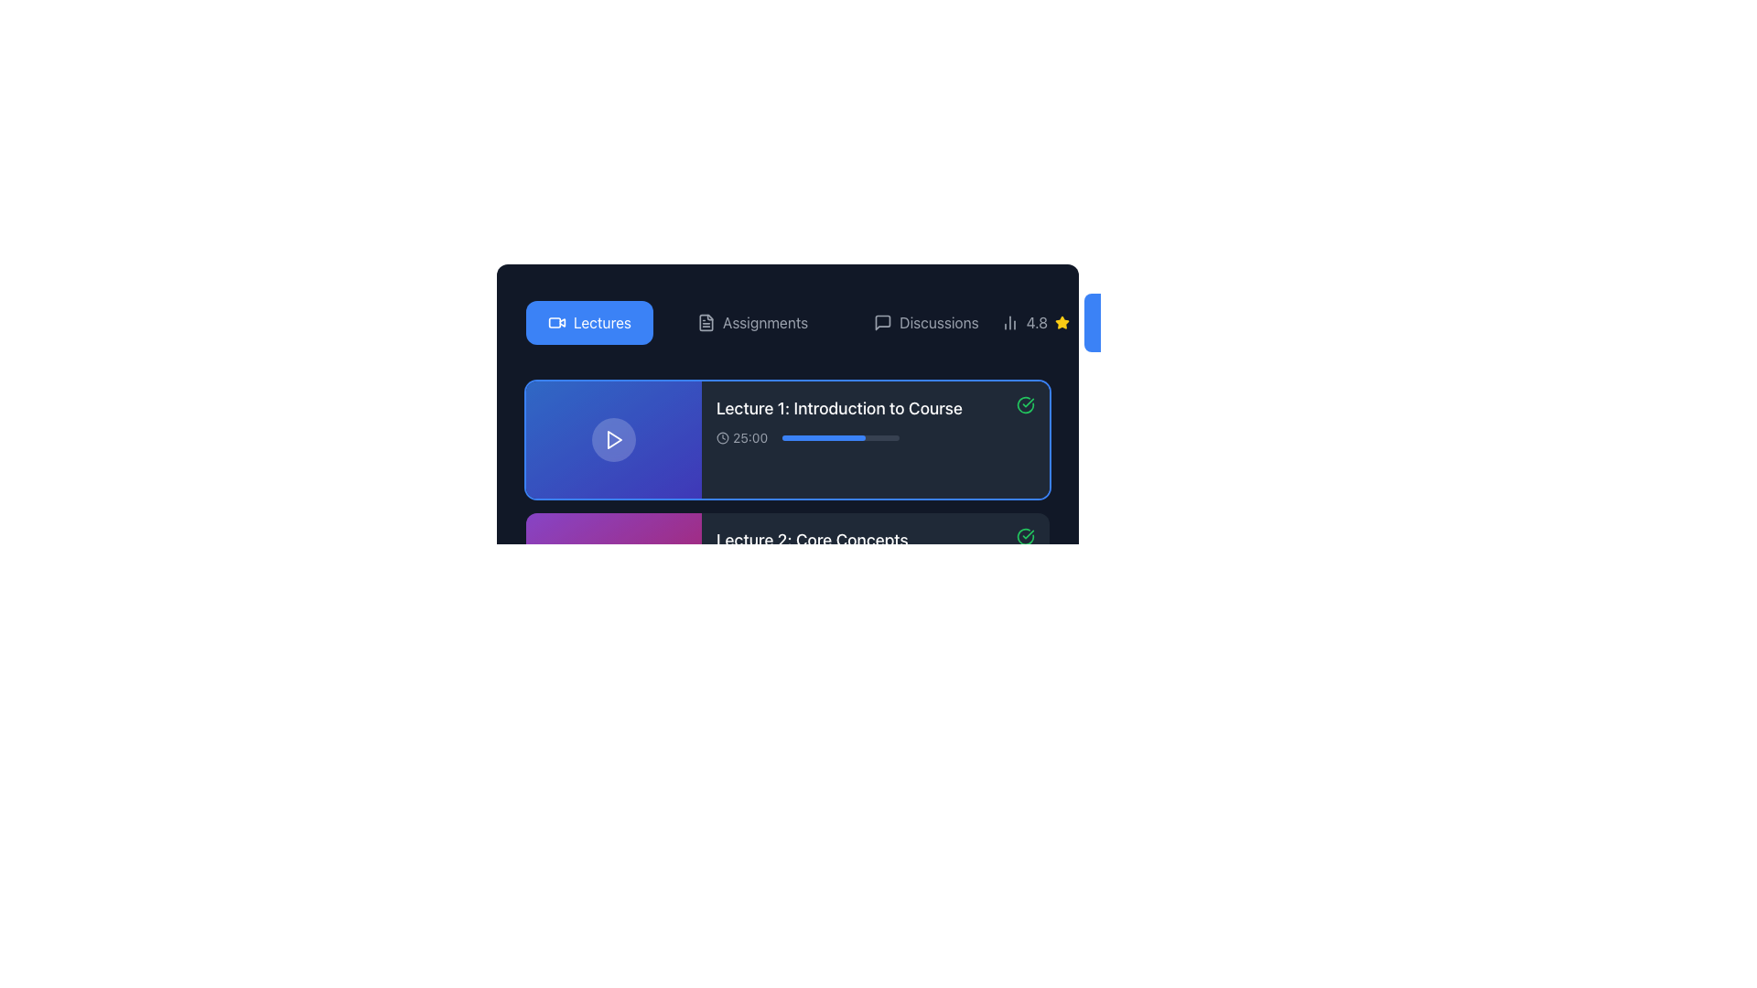 This screenshot has width=1757, height=988. Describe the element at coordinates (838, 422) in the screenshot. I see `the informational display labeled 'Lecture 1: Introduction to Course' with a progress indicator showing '25:00' and a blue progress bar beneath it` at that location.